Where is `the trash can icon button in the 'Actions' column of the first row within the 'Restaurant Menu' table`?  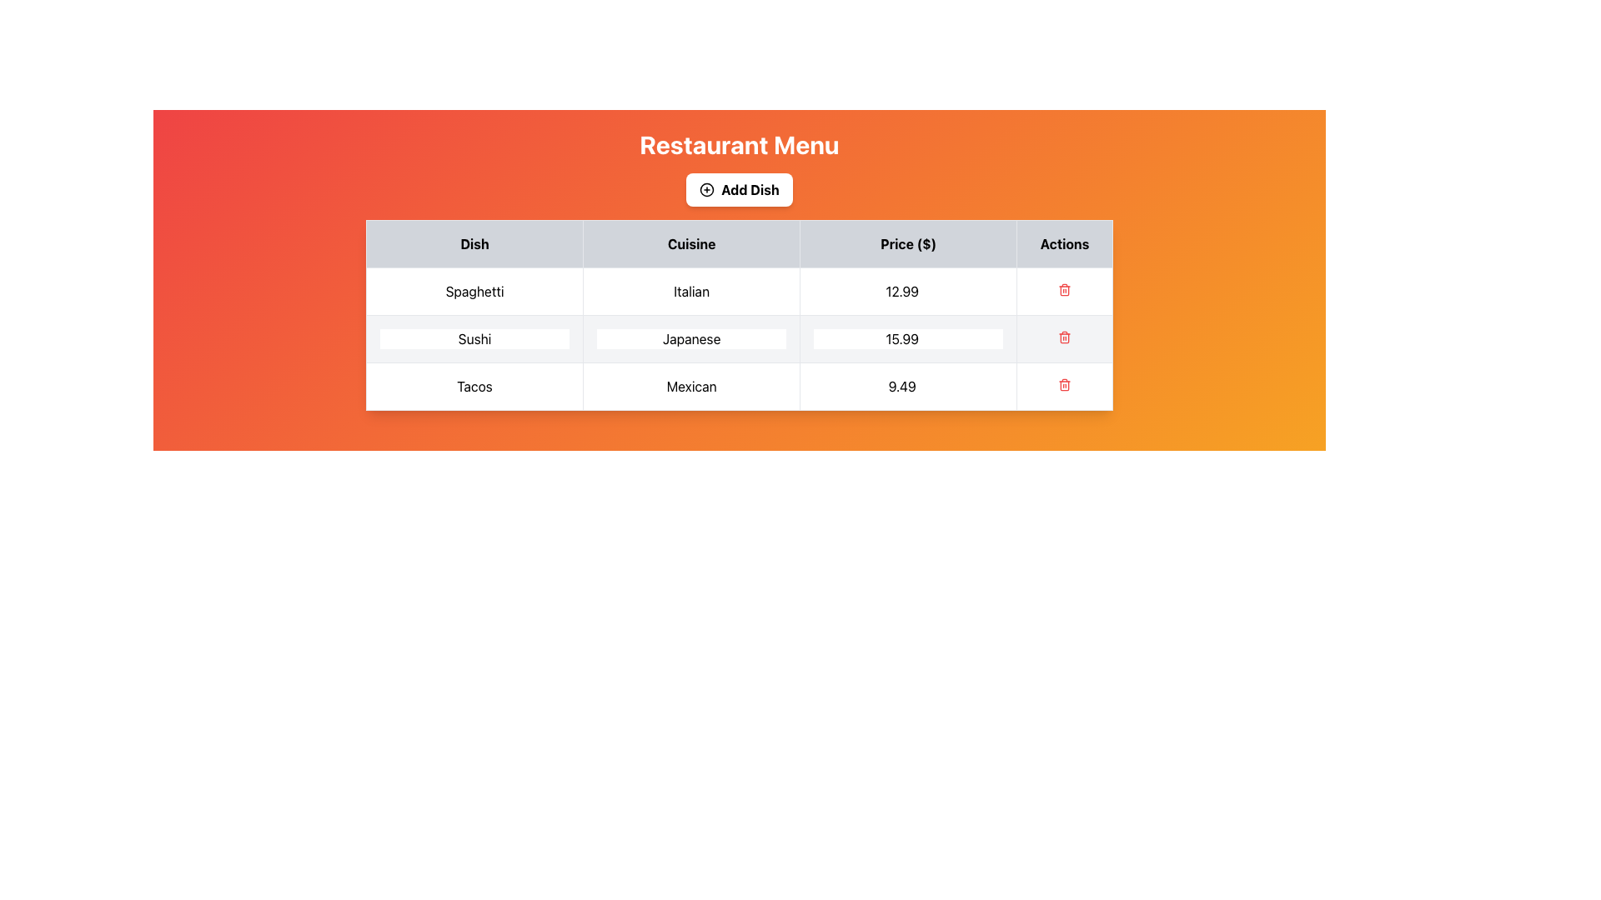 the trash can icon button in the 'Actions' column of the first row within the 'Restaurant Menu' table is located at coordinates (1064, 288).